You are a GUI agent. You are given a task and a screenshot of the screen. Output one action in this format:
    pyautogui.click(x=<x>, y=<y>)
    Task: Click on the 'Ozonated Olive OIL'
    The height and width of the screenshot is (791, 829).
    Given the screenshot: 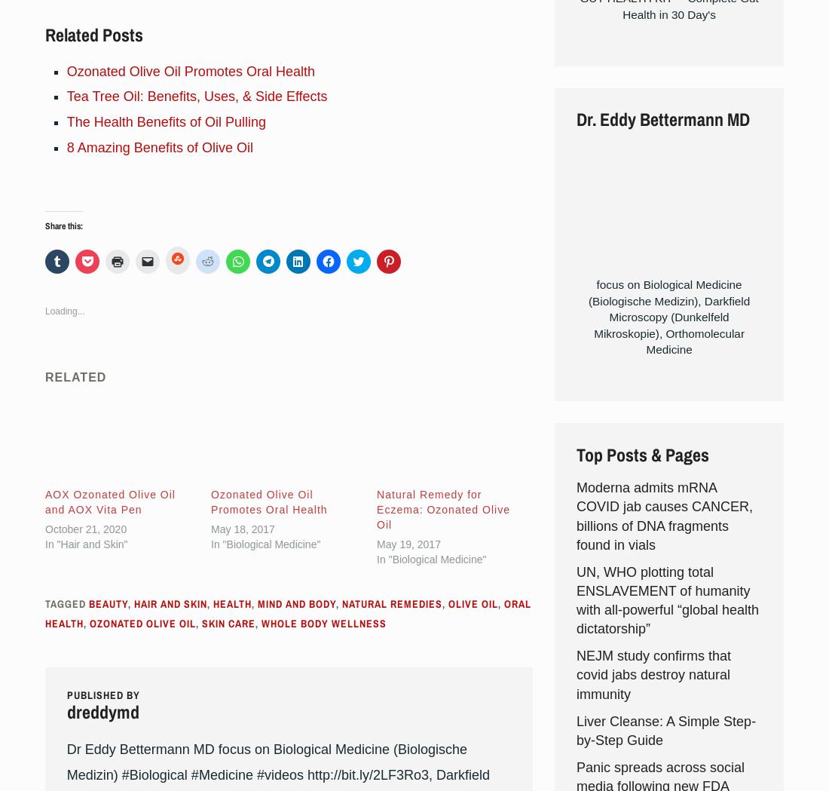 What is the action you would take?
    pyautogui.click(x=142, y=621)
    